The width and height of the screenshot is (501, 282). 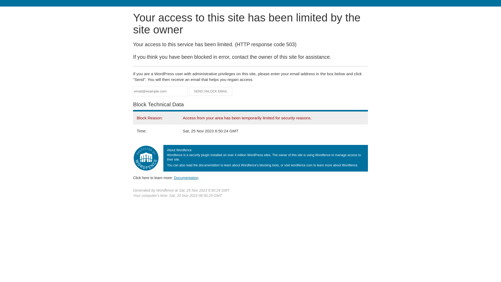 What do you see at coordinates (174, 178) in the screenshot?
I see `'Documentation'` at bounding box center [174, 178].